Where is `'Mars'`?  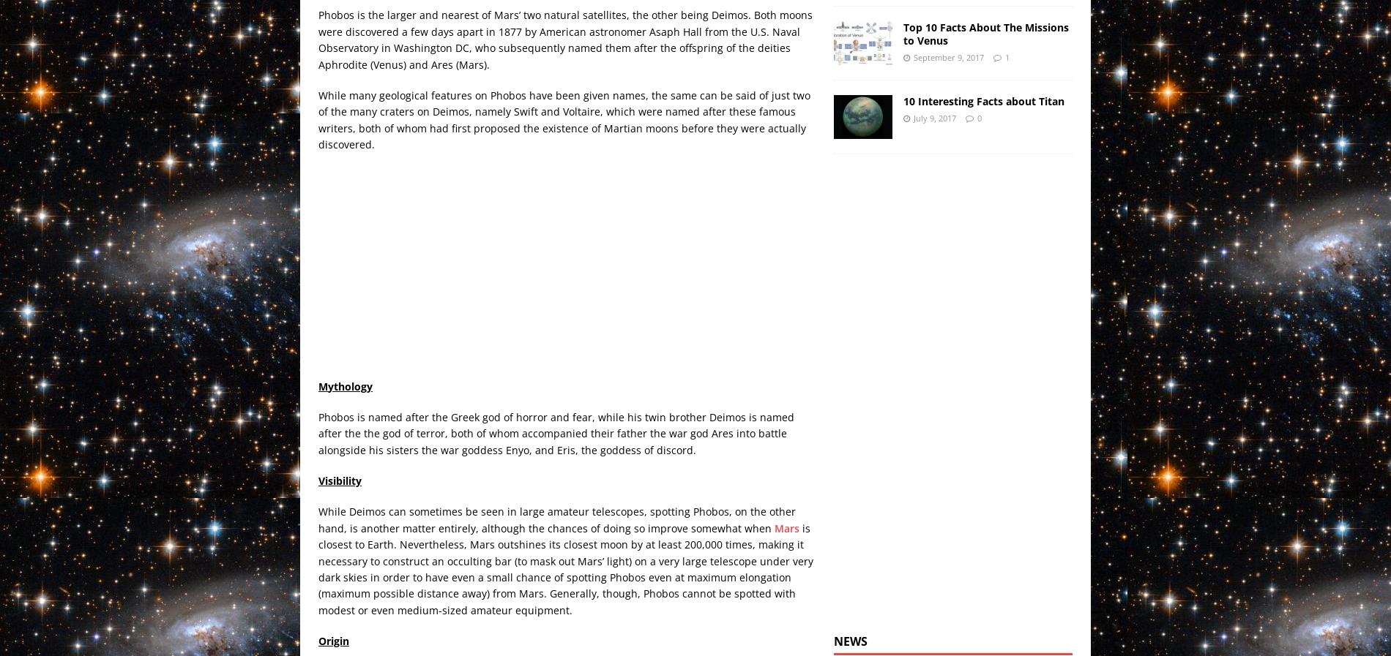
'Mars' is located at coordinates (787, 527).